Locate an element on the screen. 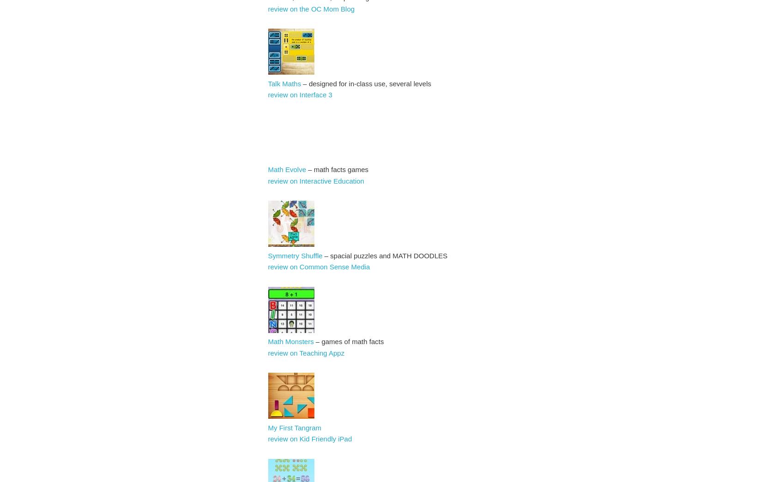 The height and width of the screenshot is (482, 765). '– spacial puzzles and MATH DOODLES' is located at coordinates (385, 255).